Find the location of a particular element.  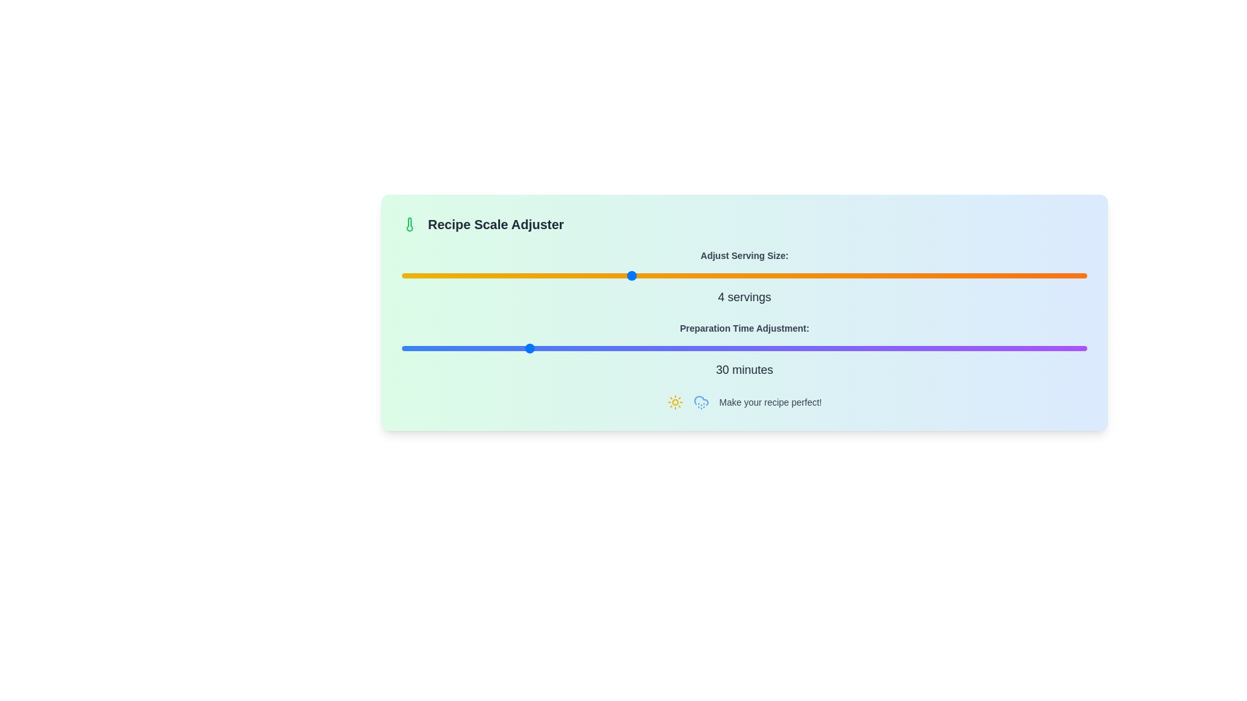

the text label reading 'Make your recipe perfect!' which is styled with a gray font and positioned in the lower section of the panel, aligned with the icons to its left is located at coordinates (770, 402).